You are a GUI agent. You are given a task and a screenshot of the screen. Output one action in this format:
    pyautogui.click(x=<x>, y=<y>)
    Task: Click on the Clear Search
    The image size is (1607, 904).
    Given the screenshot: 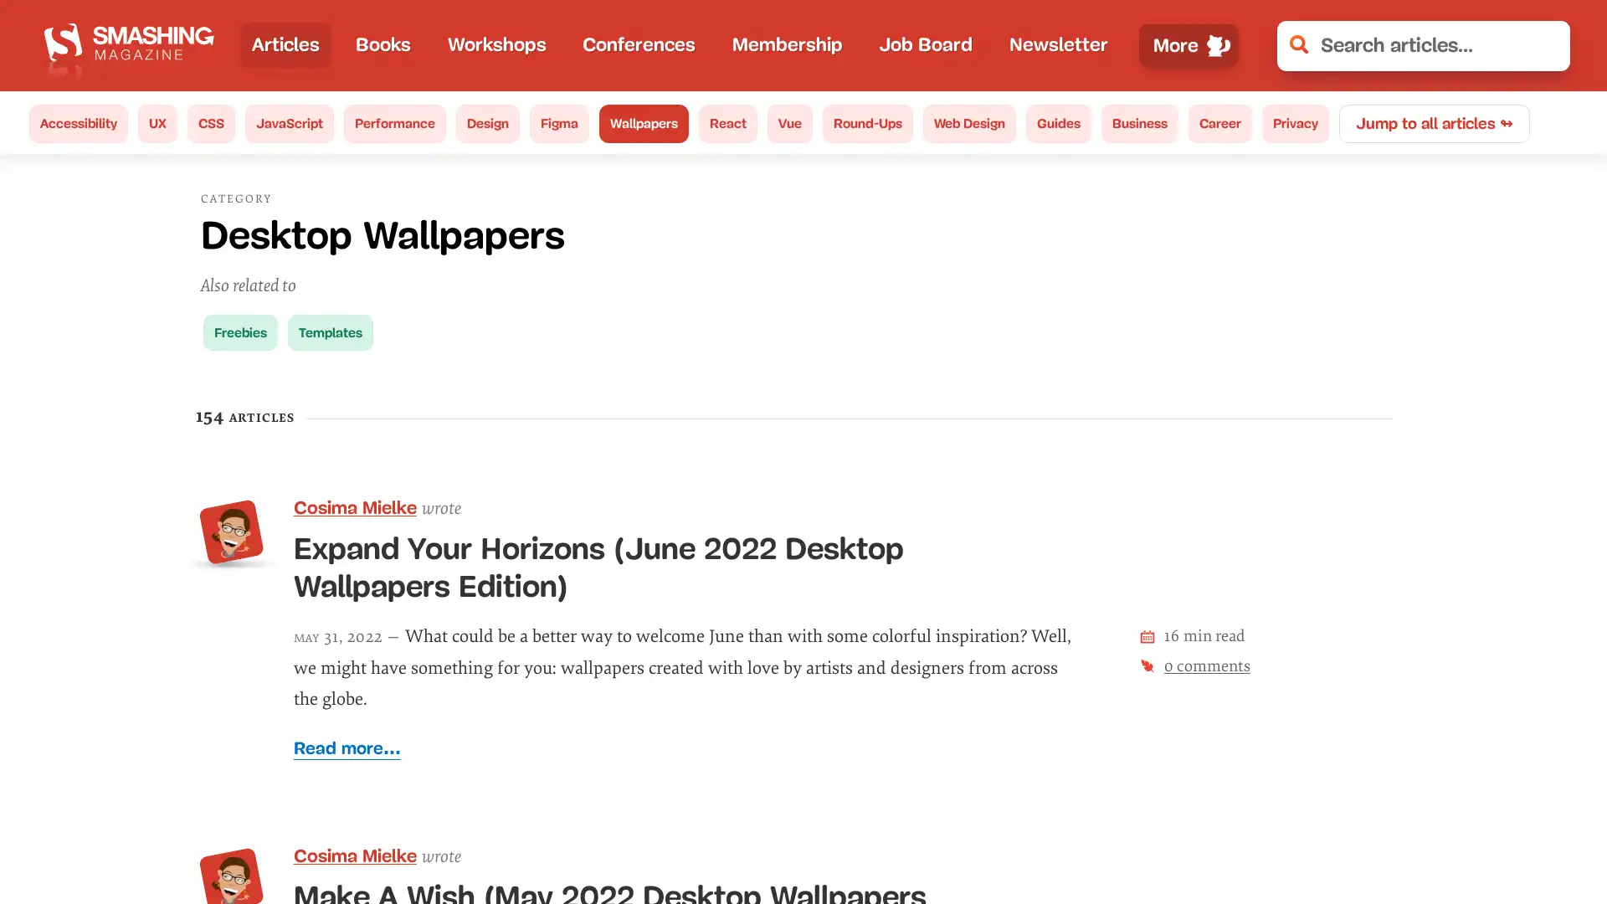 What is the action you would take?
    pyautogui.click(x=1545, y=44)
    